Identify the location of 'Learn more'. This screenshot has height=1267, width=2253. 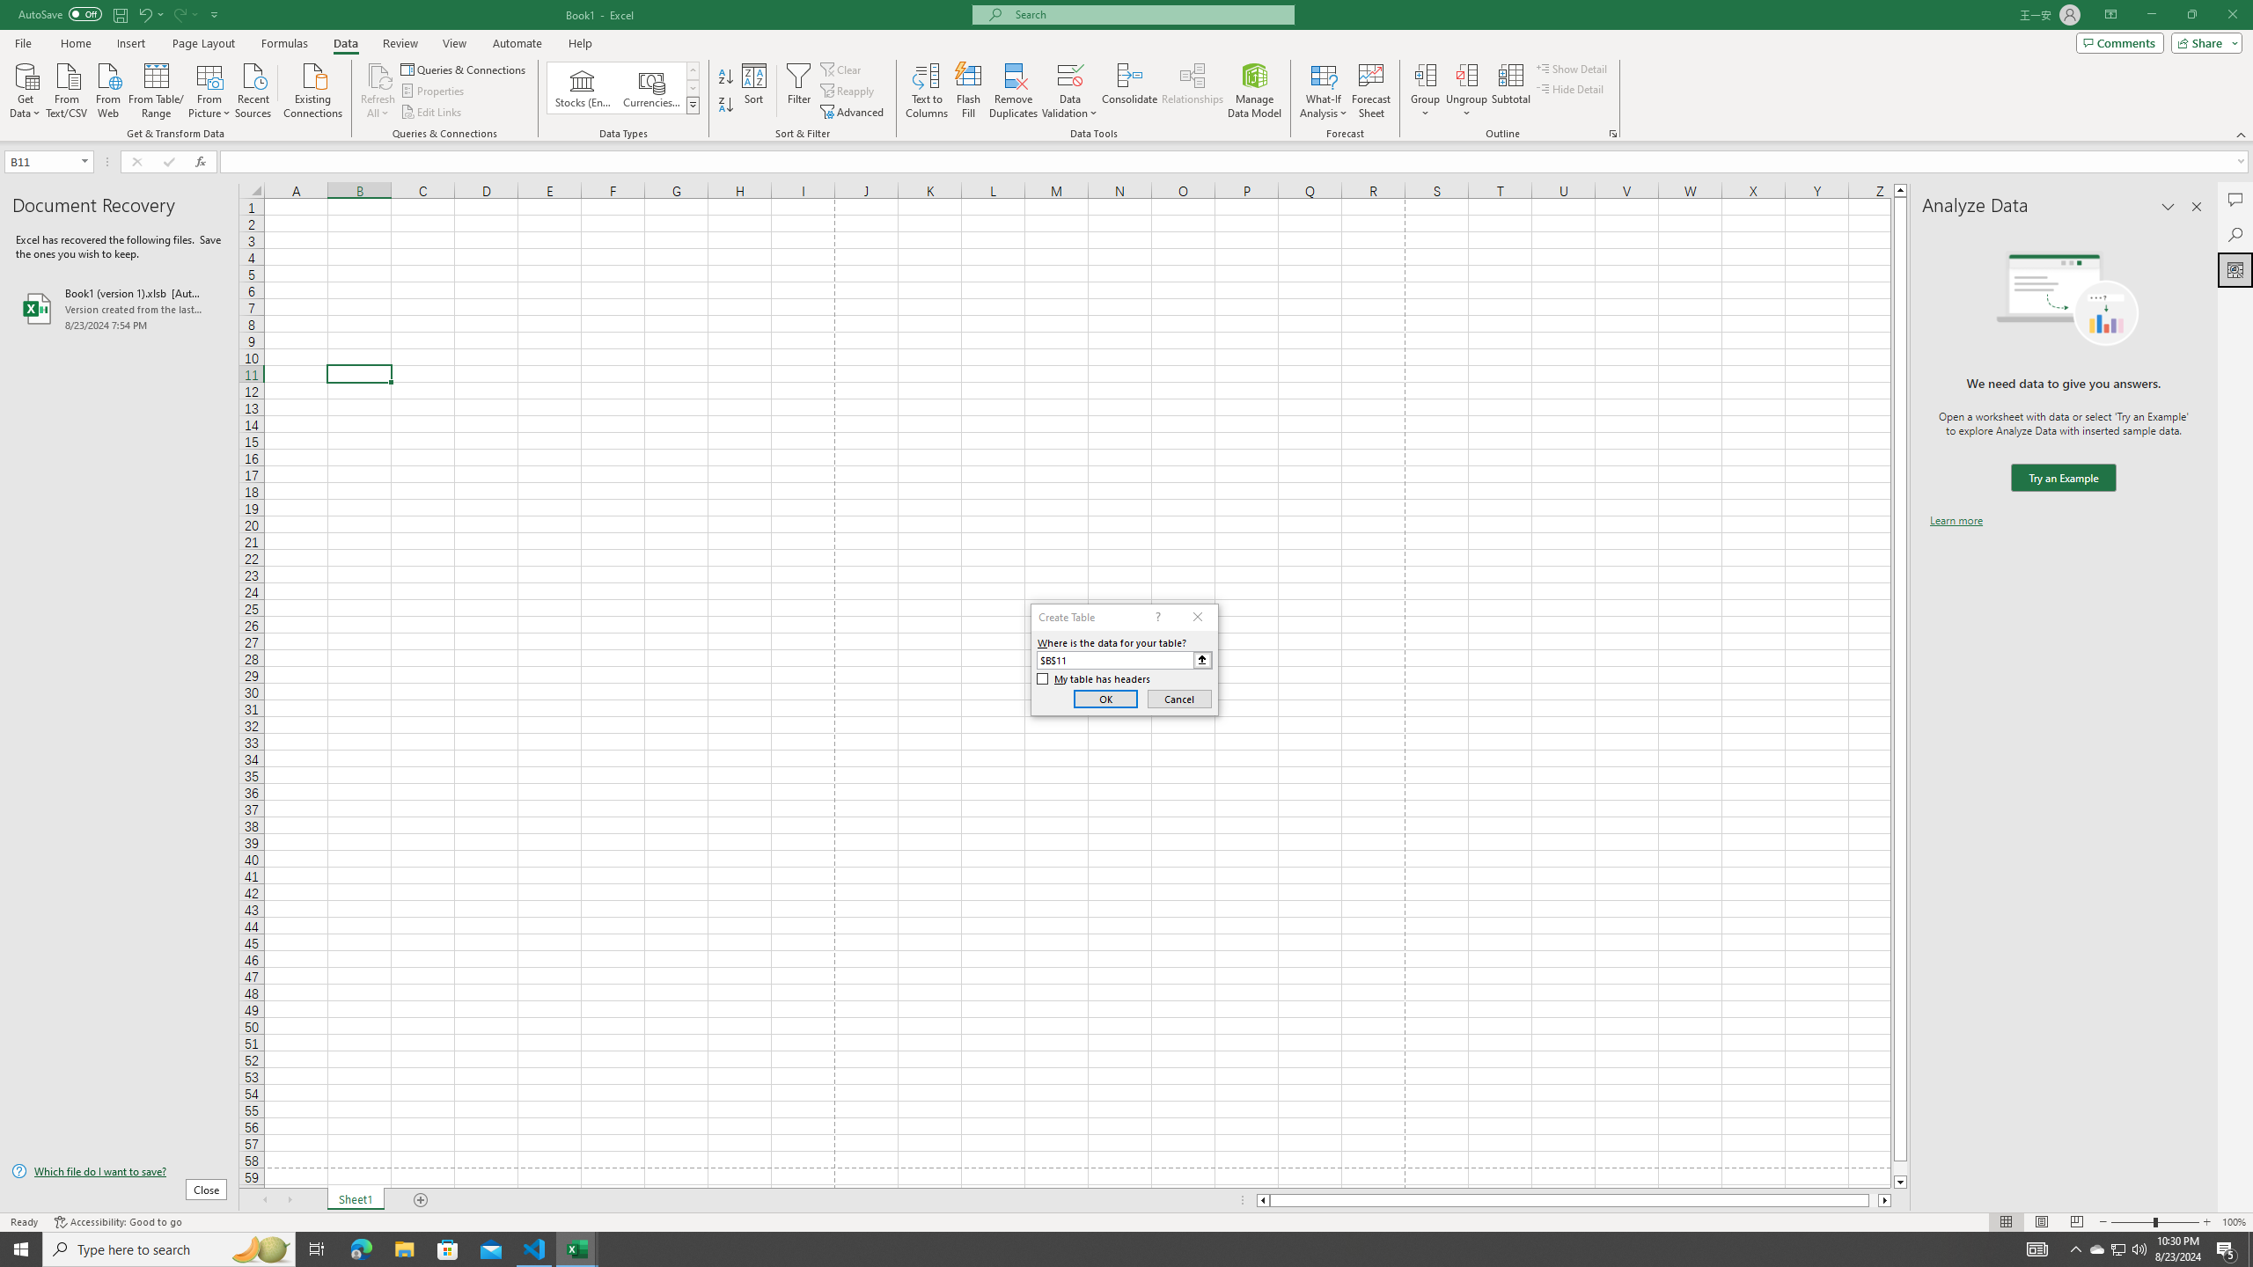
(1956, 519).